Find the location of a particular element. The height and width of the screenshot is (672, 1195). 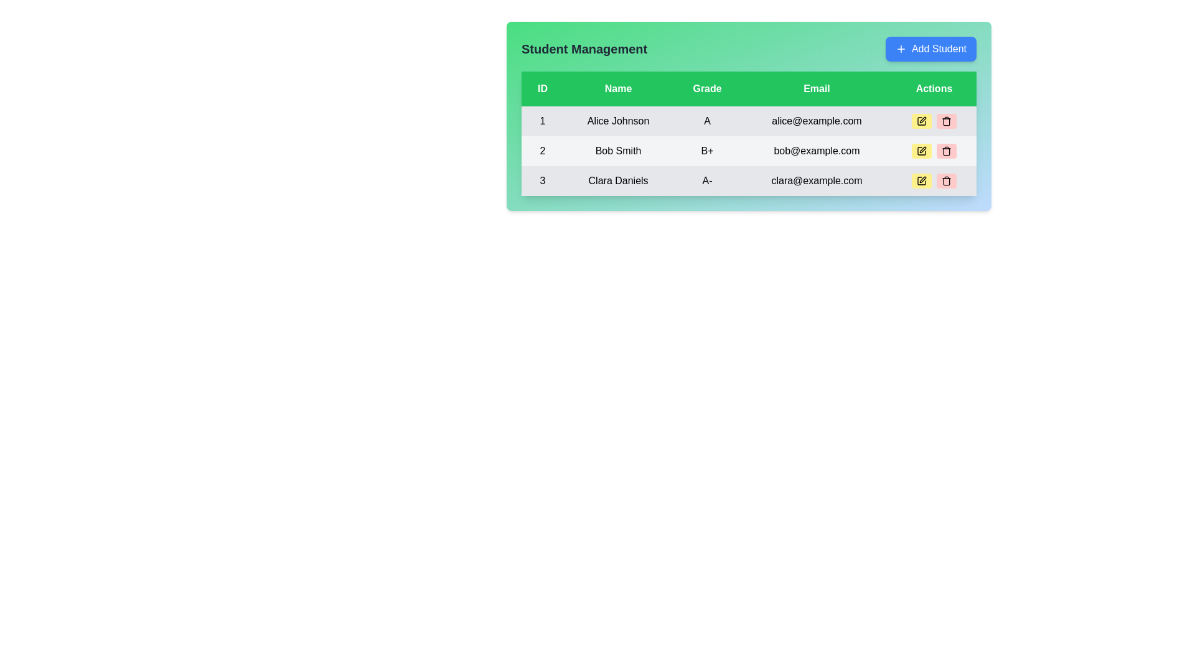

the text element 'Clara Daniels' located in the 'Name' column of the third row in the 'Student Management' table, which is styled with medium font weight on a light gray background is located at coordinates (618, 180).